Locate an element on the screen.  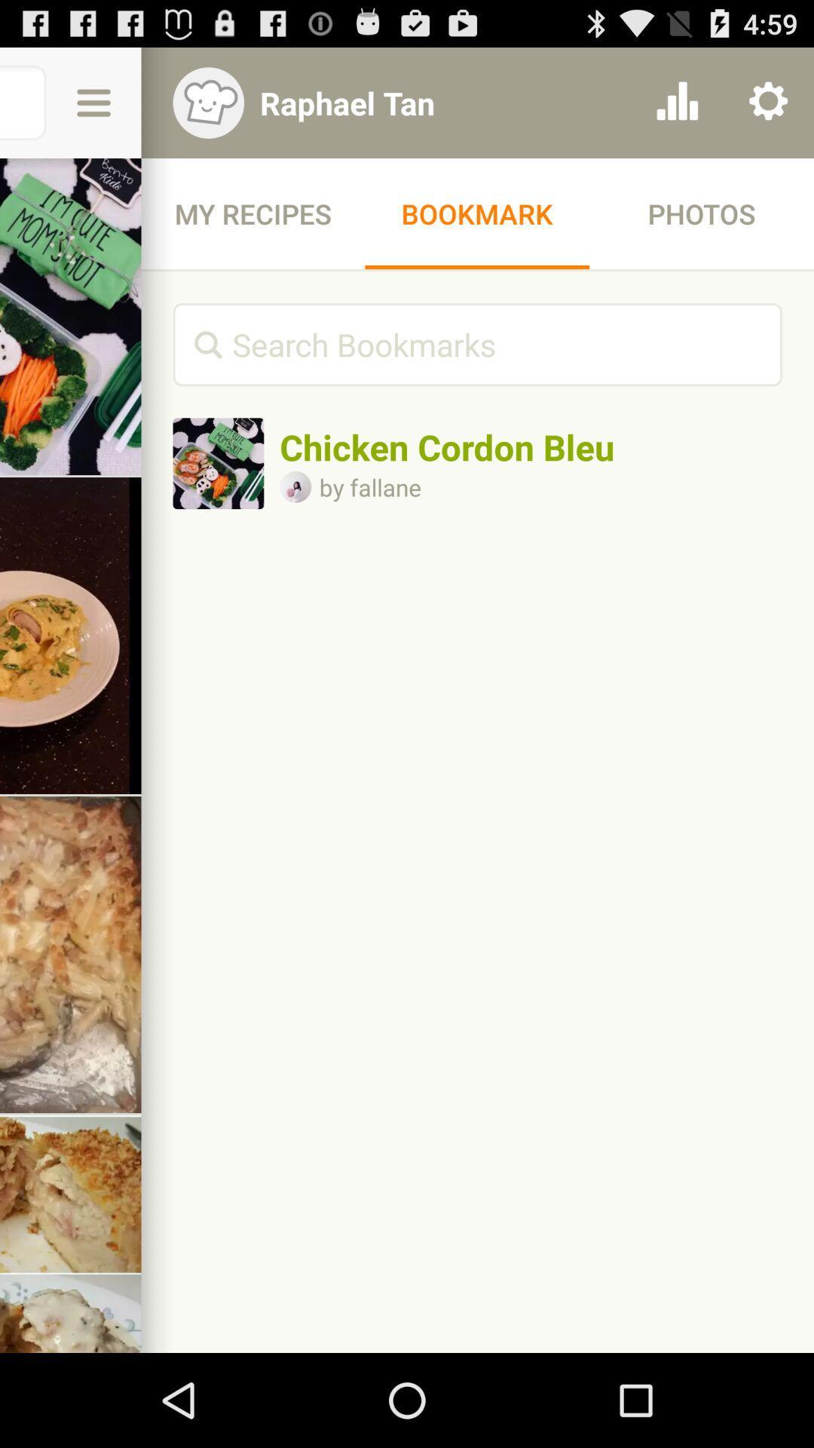
the settings icon is located at coordinates (768, 109).